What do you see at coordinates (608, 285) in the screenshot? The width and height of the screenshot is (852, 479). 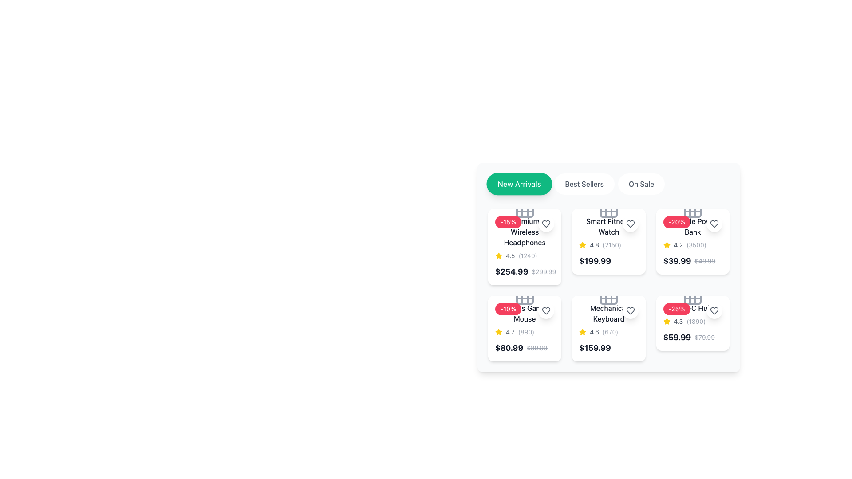 I see `the product card located in the second row and second column of the grid of product cards` at bounding box center [608, 285].